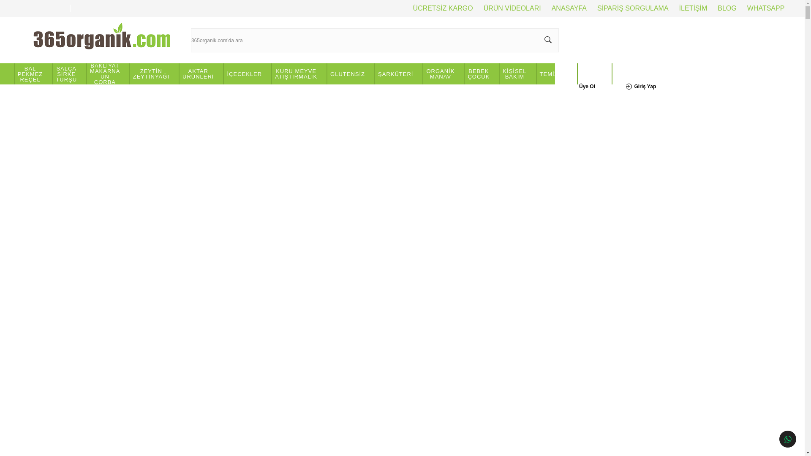 This screenshot has width=811, height=456. I want to click on 'VEGAN', so click(594, 73).